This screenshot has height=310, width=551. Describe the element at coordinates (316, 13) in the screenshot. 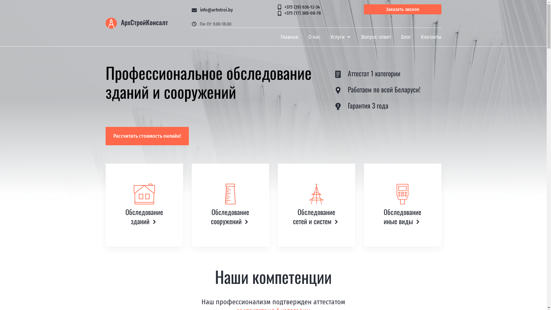

I see `'+375 (17) 388-08-78'` at that location.